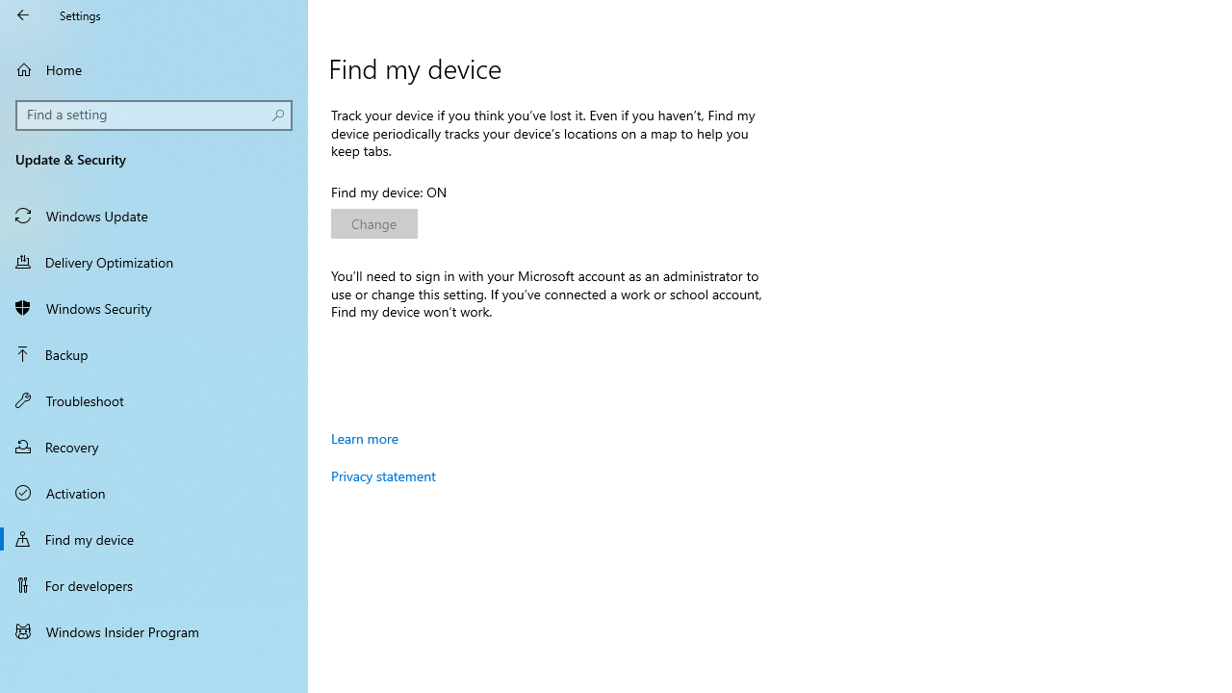  I want to click on 'Find my device', so click(154, 538).